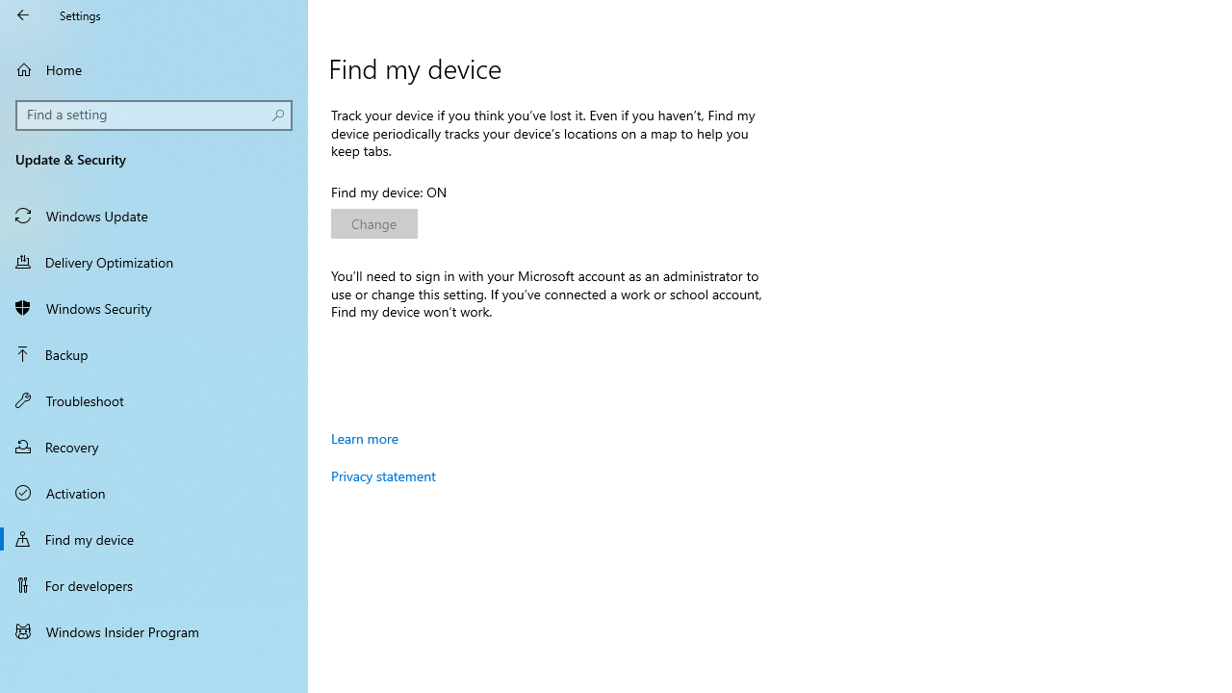  I want to click on 'Find my device', so click(154, 538).